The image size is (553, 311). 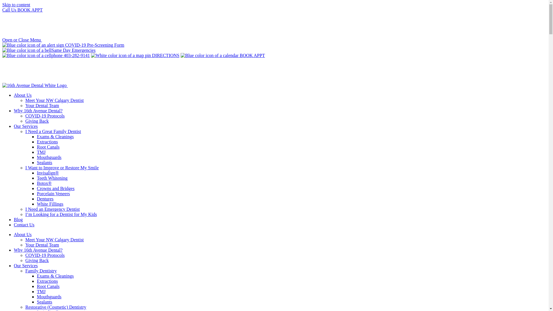 I want to click on 'White Fillings', so click(x=50, y=204).